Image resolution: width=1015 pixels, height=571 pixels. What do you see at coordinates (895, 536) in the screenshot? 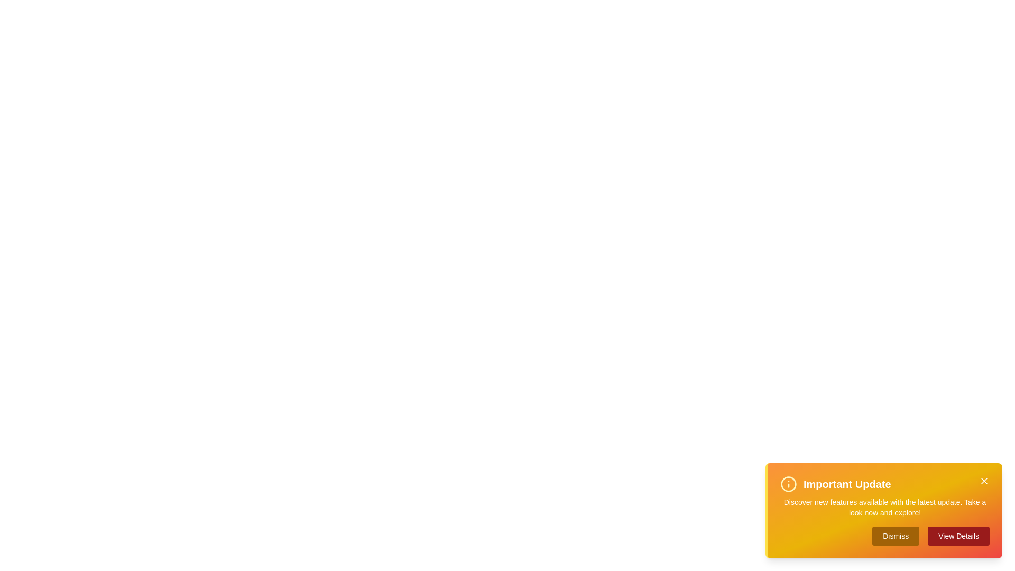
I see `'Dismiss' button to dismiss the alert` at bounding box center [895, 536].